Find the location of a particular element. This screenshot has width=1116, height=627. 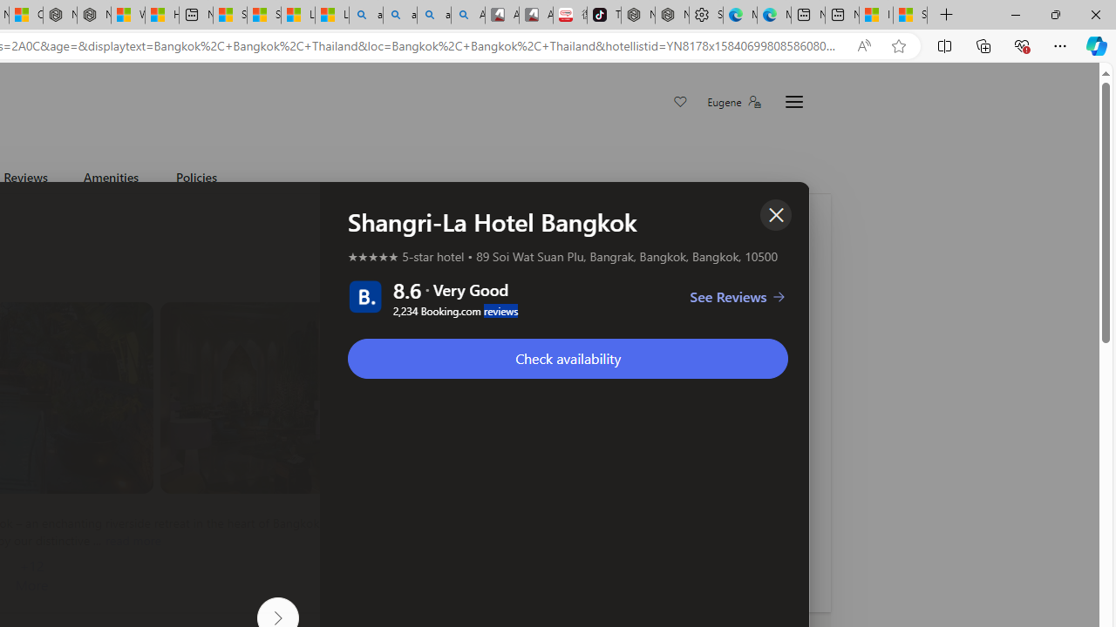

'Nordace Siena Pro 15 Backpack' is located at coordinates (670, 15).